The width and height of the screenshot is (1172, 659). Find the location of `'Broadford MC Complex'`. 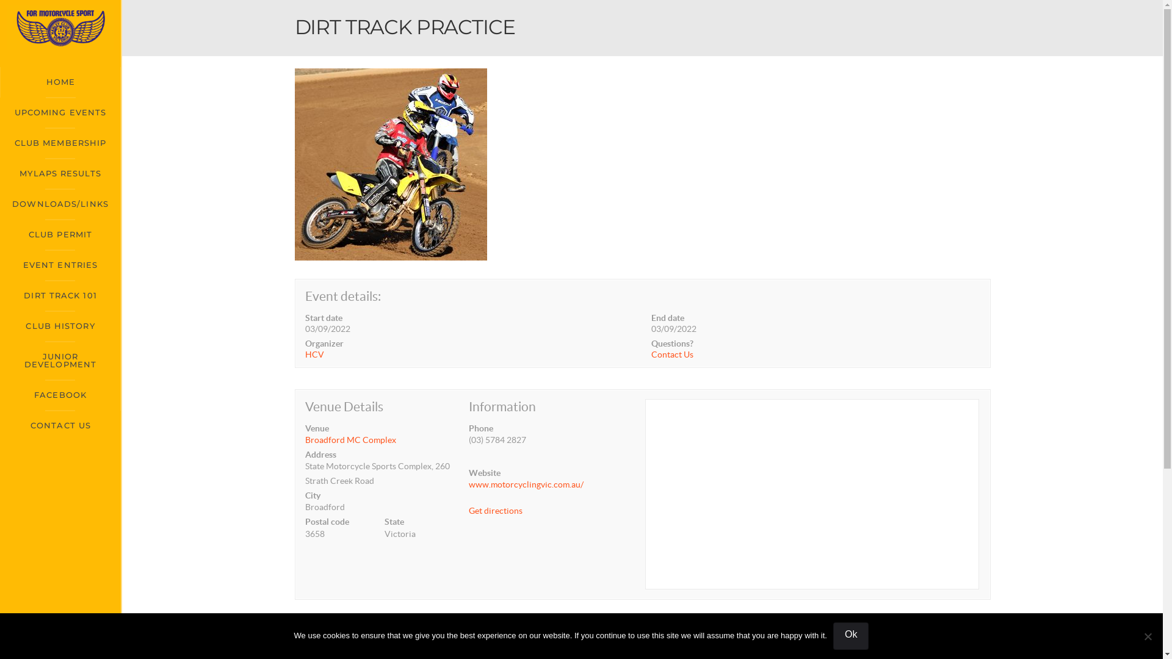

'Broadford MC Complex' is located at coordinates (382, 440).